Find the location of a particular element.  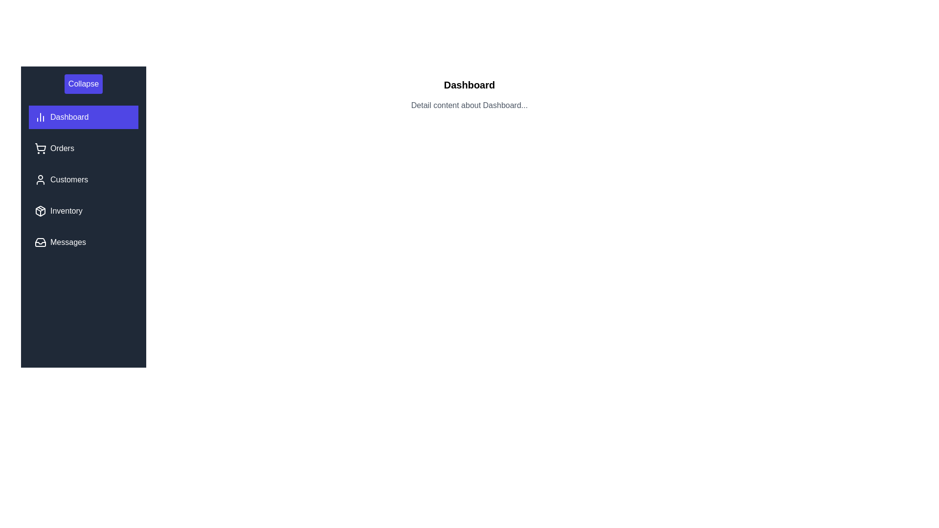

the menu item Customers to view its details is located at coordinates (84, 179).